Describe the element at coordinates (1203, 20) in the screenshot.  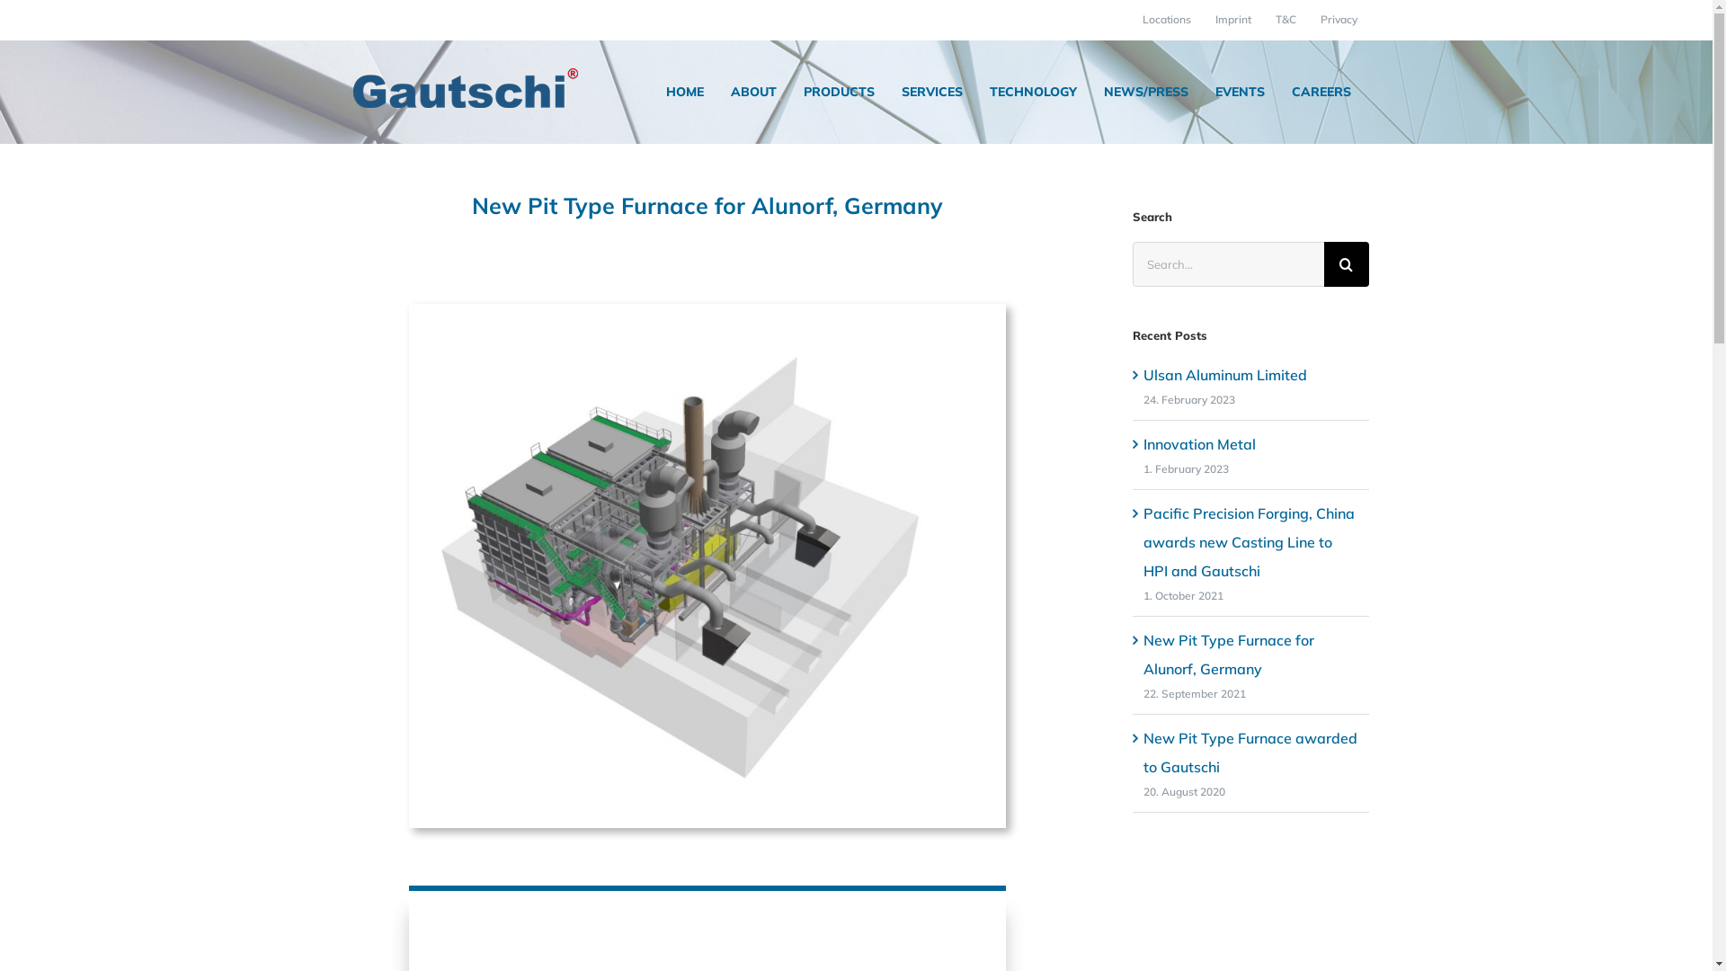
I see `'Imprint'` at that location.